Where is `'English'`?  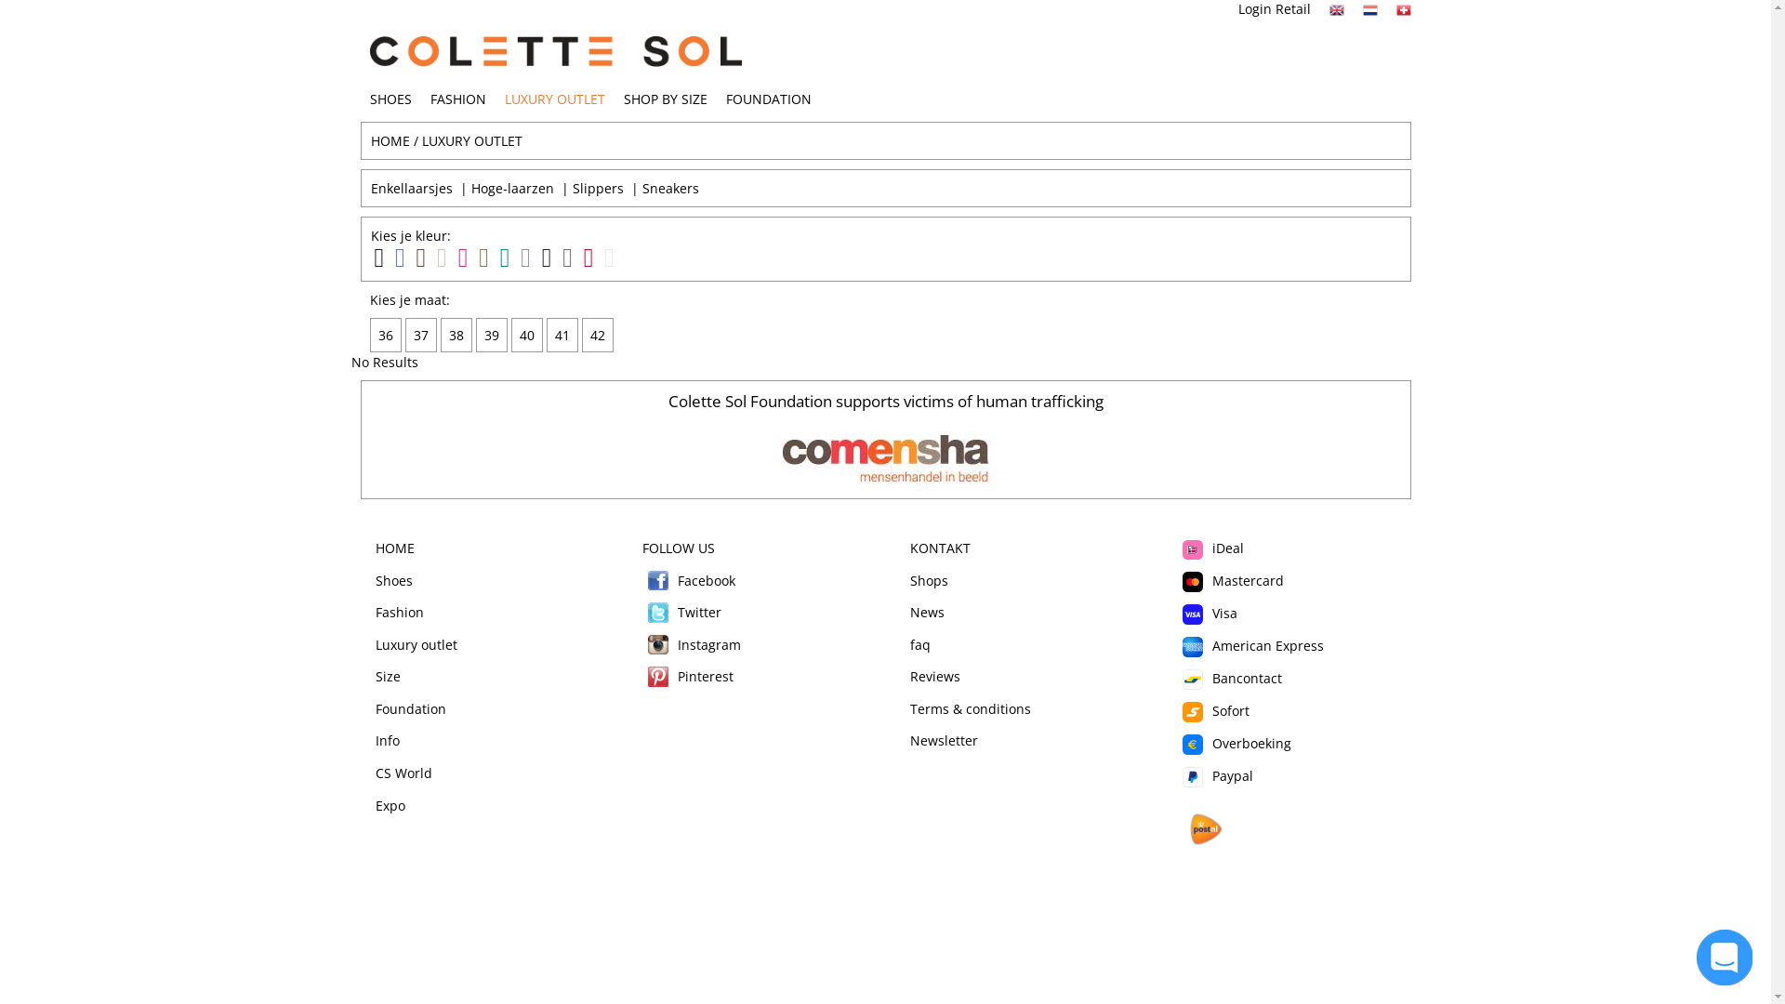
'English' is located at coordinates (1329, 10).